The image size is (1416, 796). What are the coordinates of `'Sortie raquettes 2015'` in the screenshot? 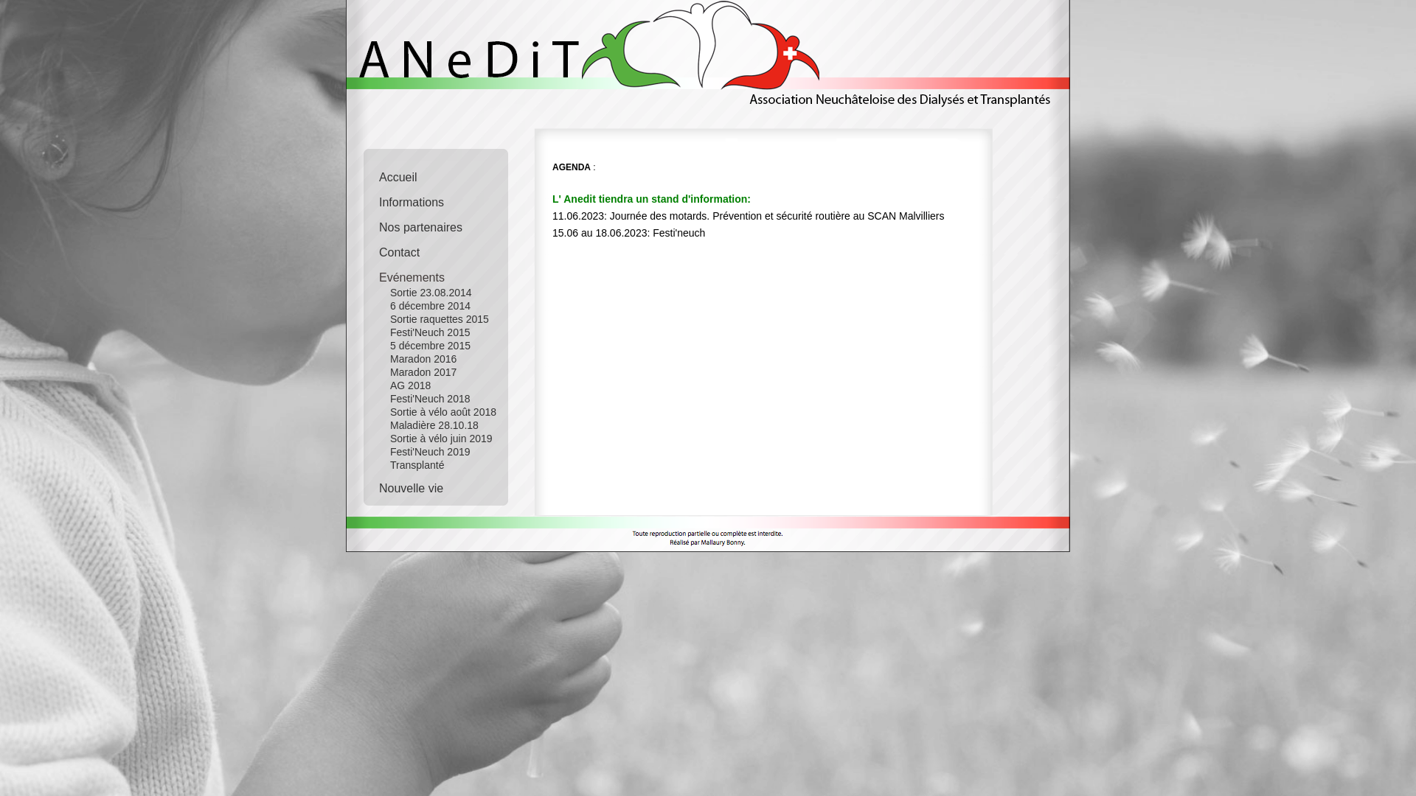 It's located at (434, 318).